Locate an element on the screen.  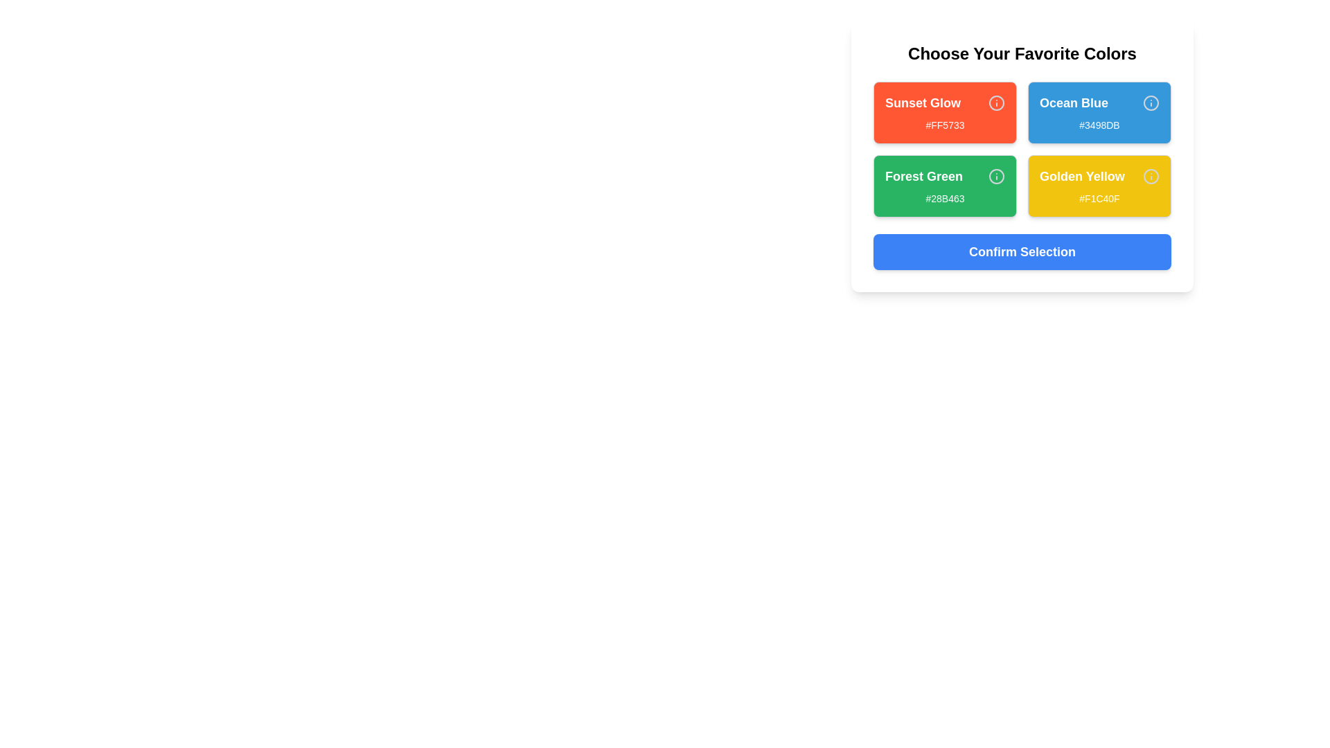
the color card labeled Ocean Blue to inspect its color representation is located at coordinates (1099, 112).